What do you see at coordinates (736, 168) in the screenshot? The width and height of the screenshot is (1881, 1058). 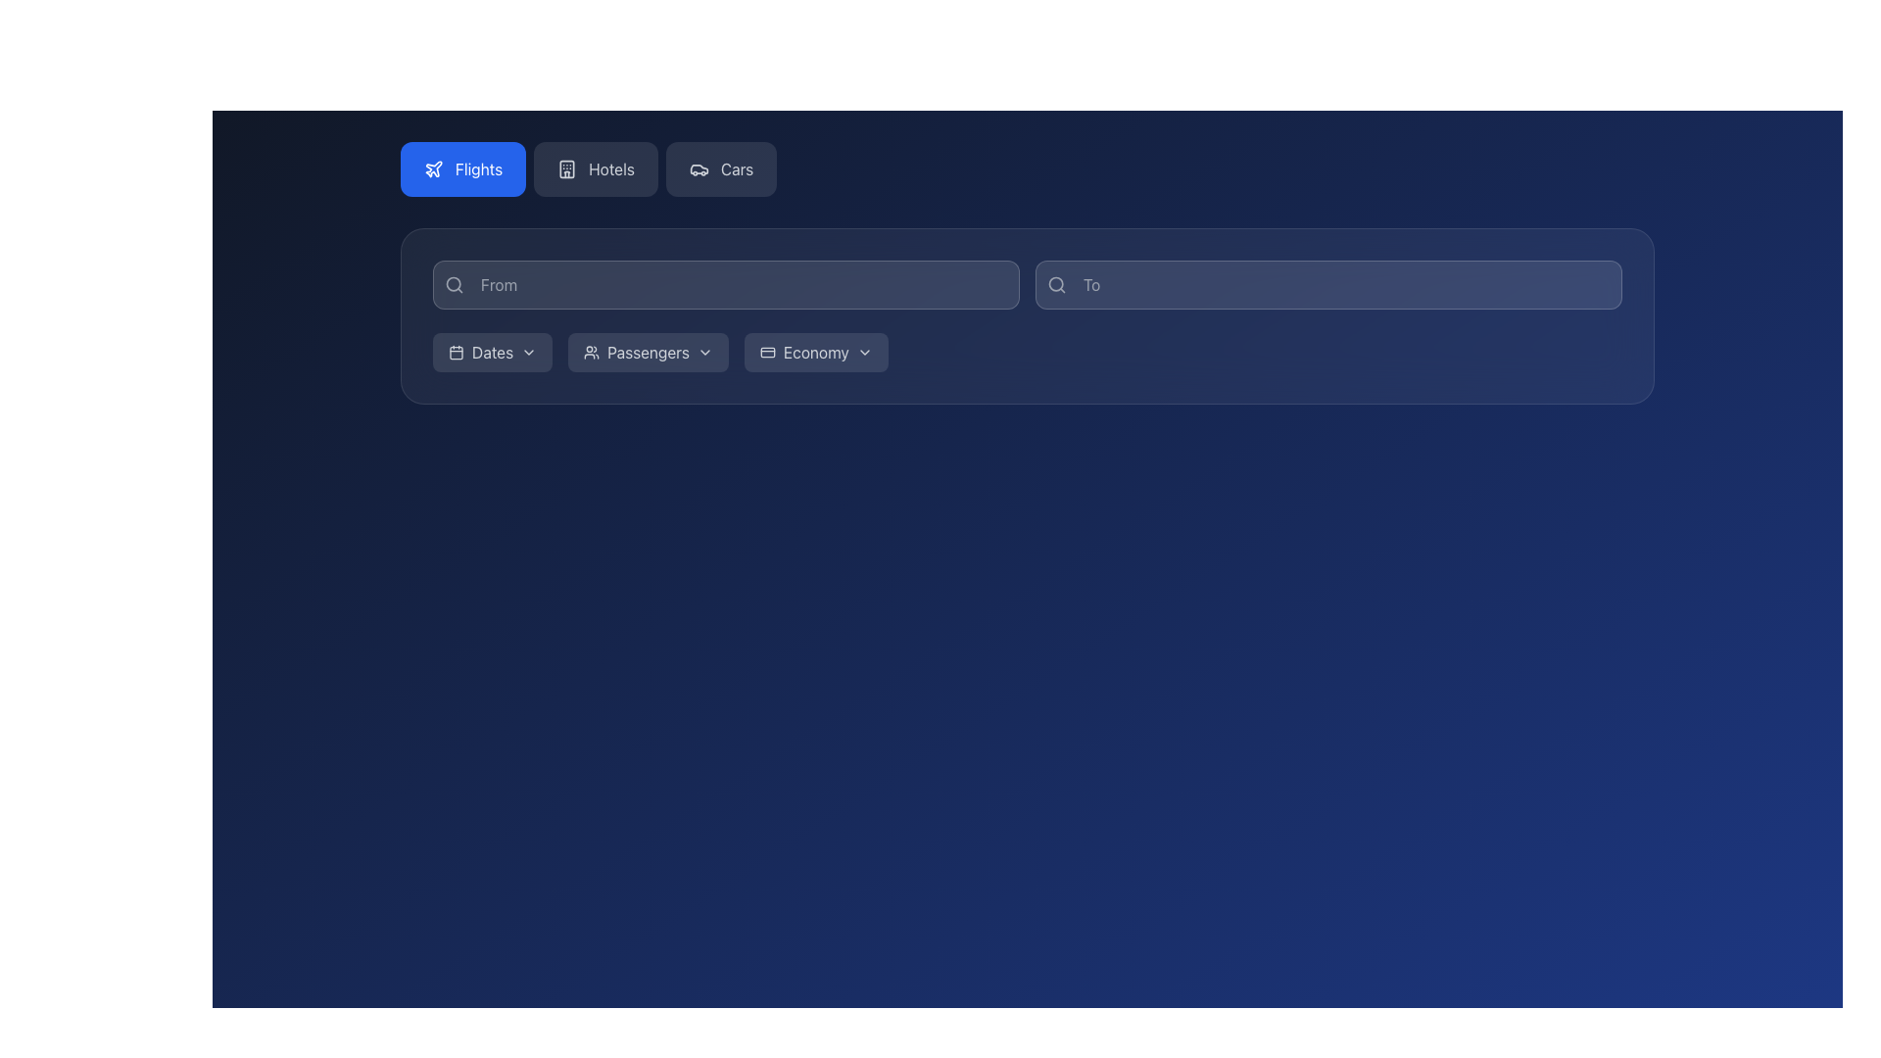 I see `to select the 'Cars' option in the menu, which is a text label positioned to the right of a car icon` at bounding box center [736, 168].